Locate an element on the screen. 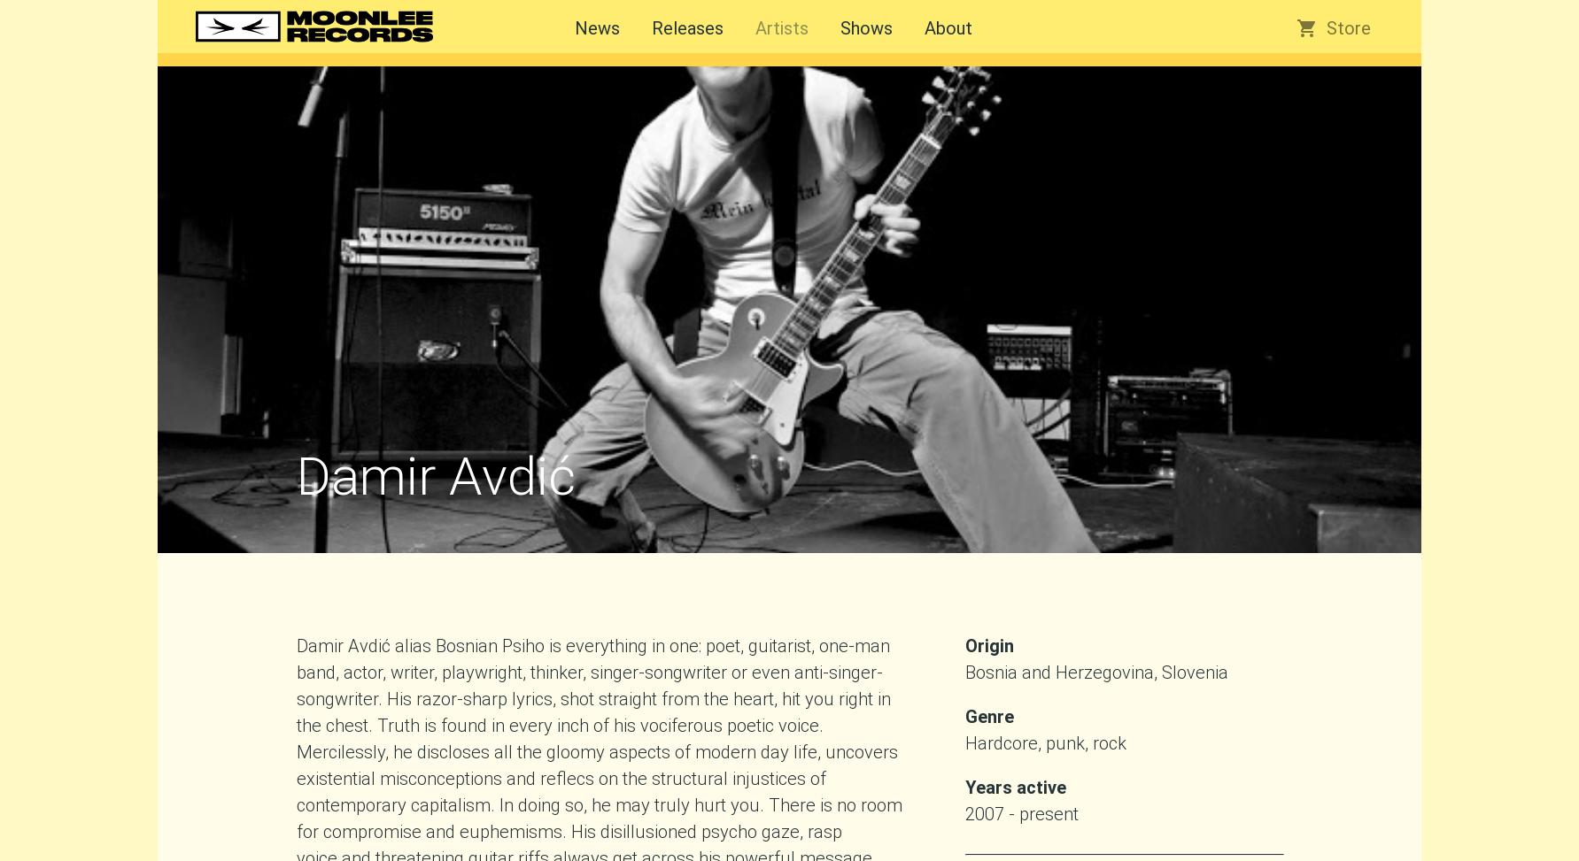  '2007 - present' is located at coordinates (1020, 812).